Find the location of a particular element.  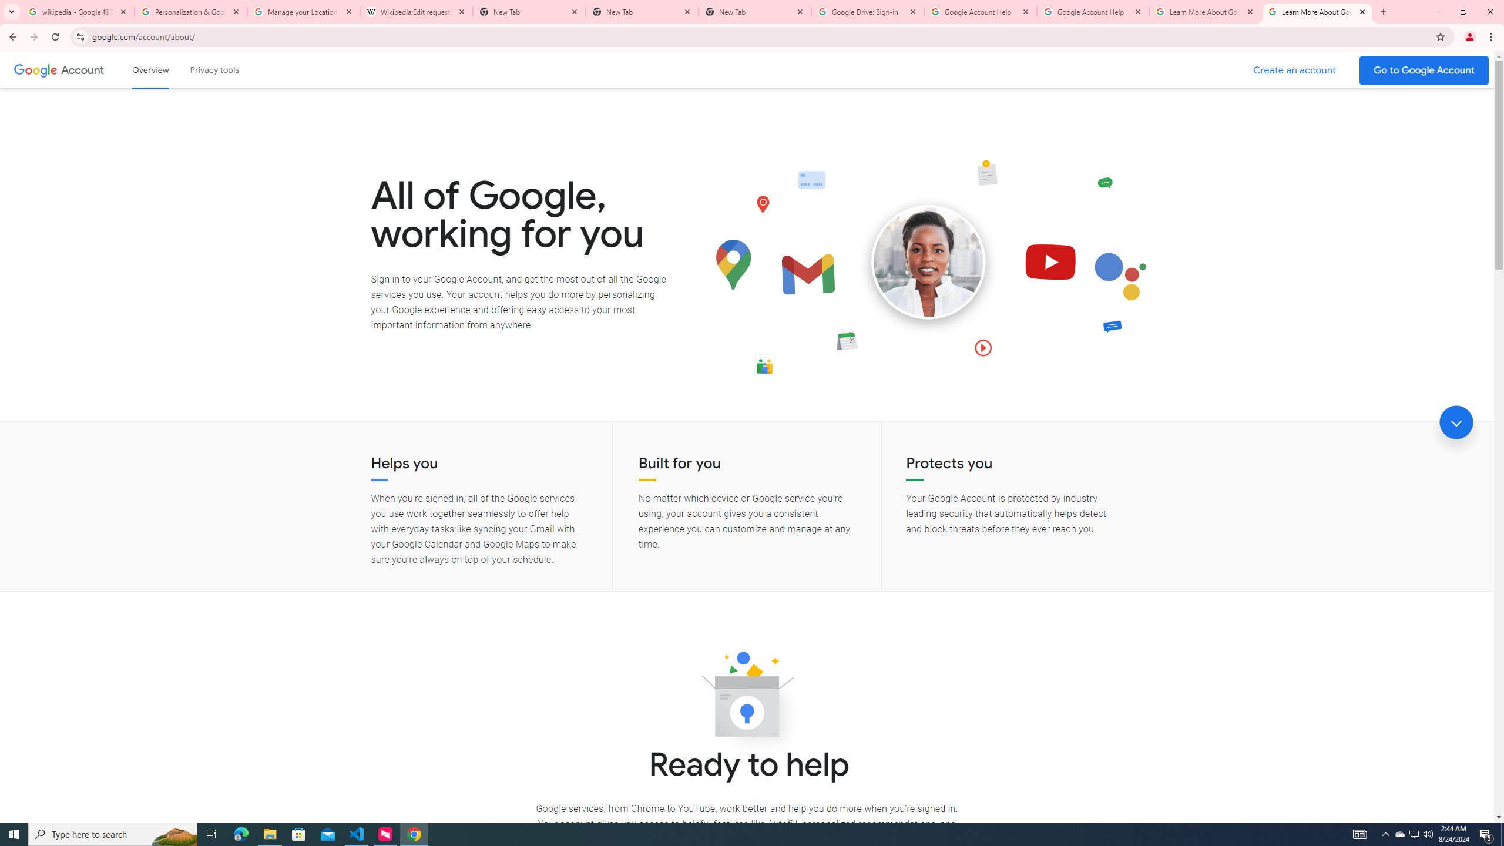

'Privacy tools' is located at coordinates (213, 69).